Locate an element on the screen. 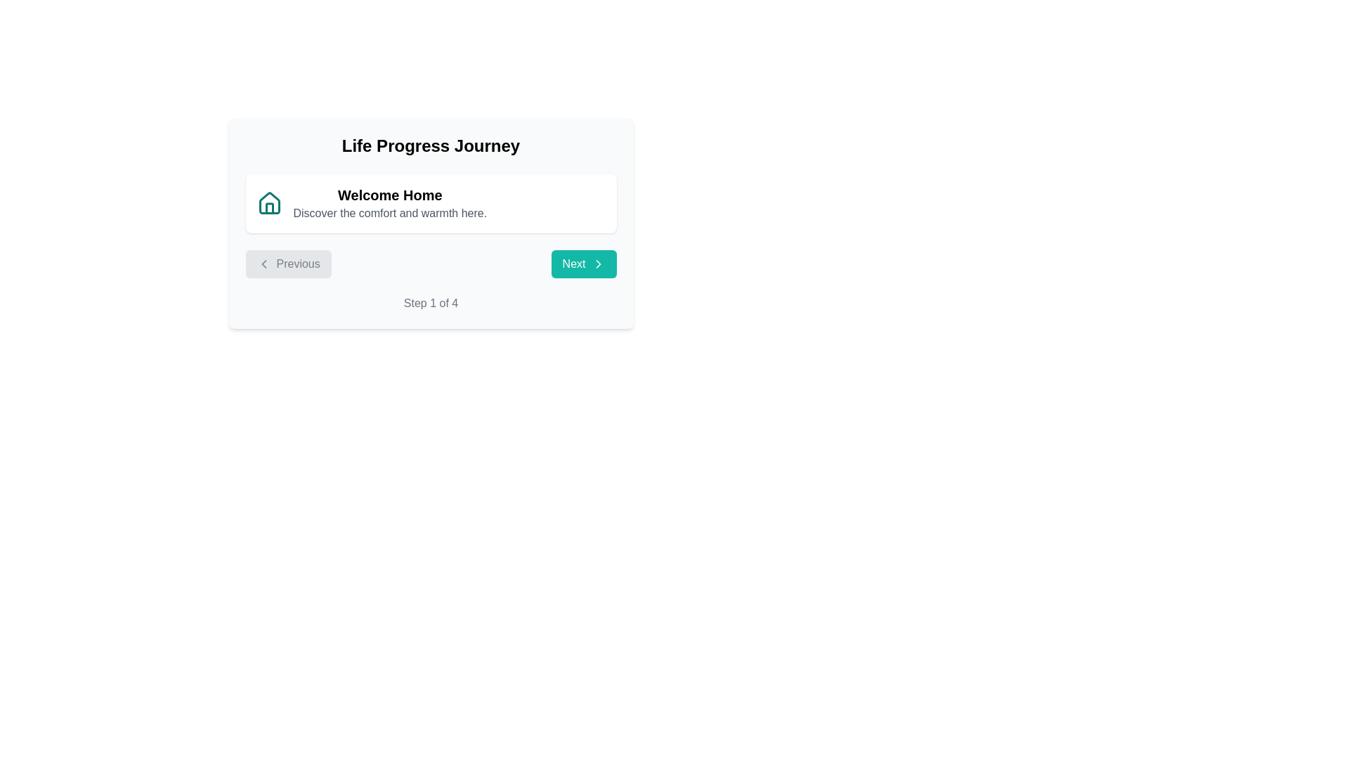  the left-facing chevron icon located to the left of the 'Previous' button in the bottom-left corner of the modal window is located at coordinates (263, 264).